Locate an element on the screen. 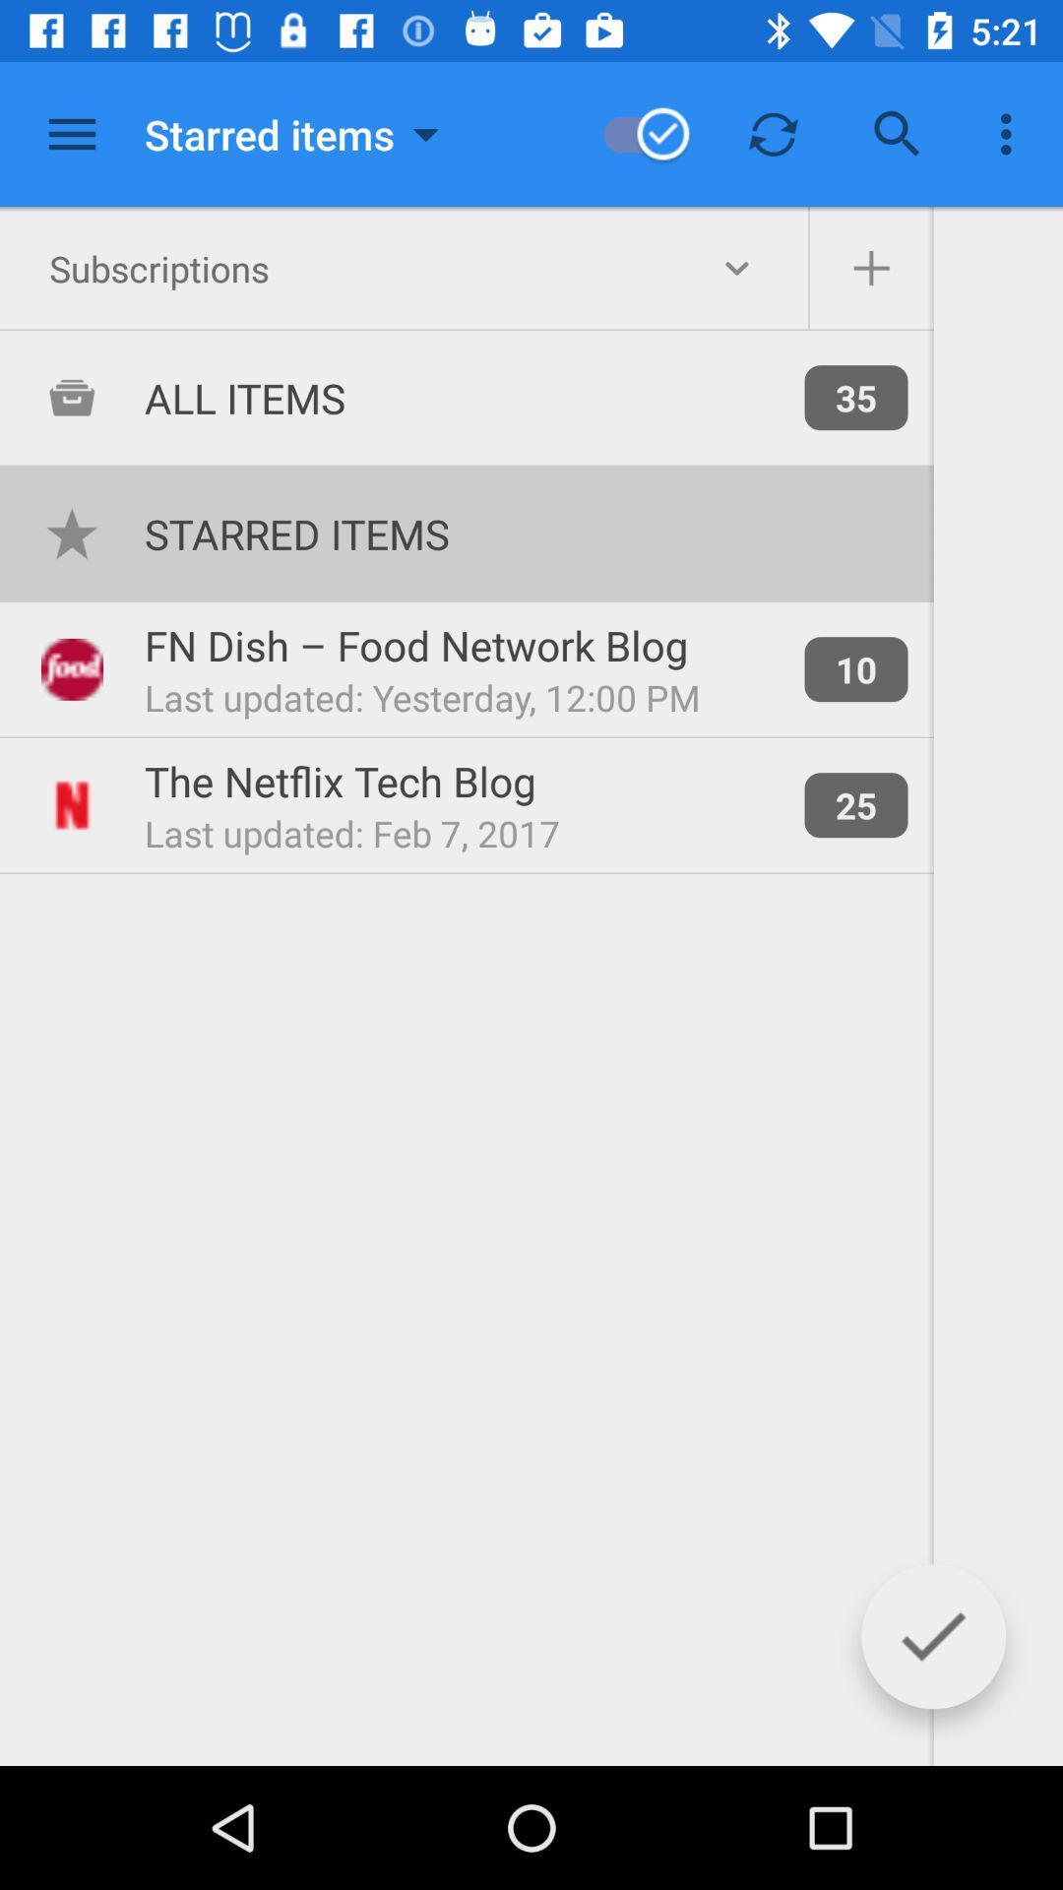 The image size is (1063, 1890). advertisement is located at coordinates (870, 268).